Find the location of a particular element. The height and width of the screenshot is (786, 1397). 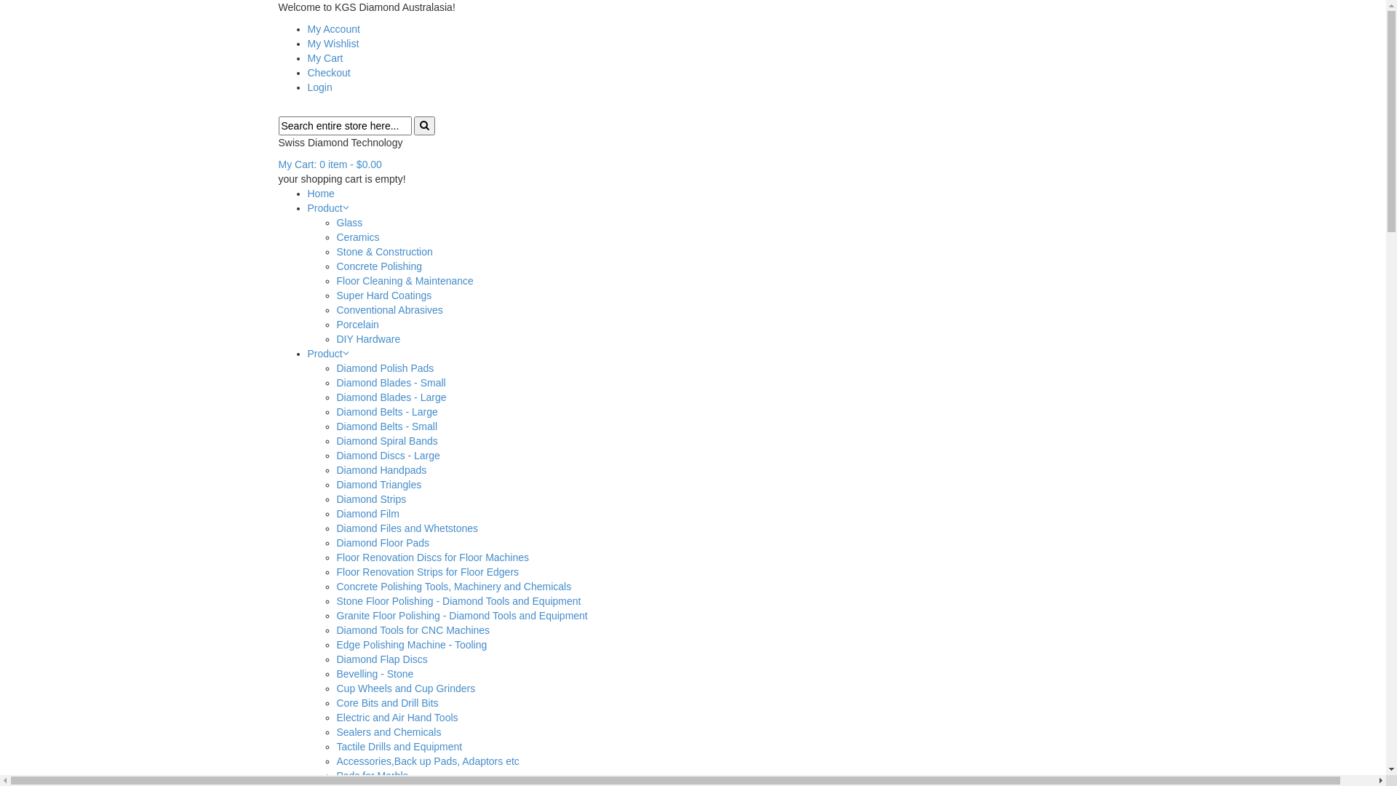

'Pads for Marble' is located at coordinates (372, 774).